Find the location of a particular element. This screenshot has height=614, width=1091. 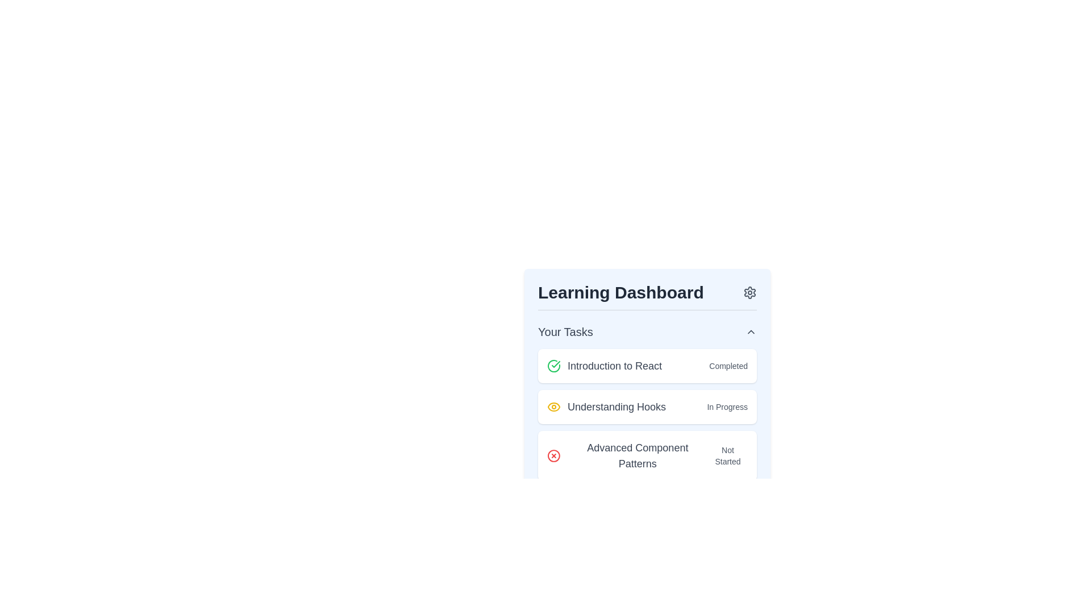

the circular green icon with a white checkmark, which indicates a completed state, located to the left of the text 'Introduction to React' is located at coordinates (553, 366).